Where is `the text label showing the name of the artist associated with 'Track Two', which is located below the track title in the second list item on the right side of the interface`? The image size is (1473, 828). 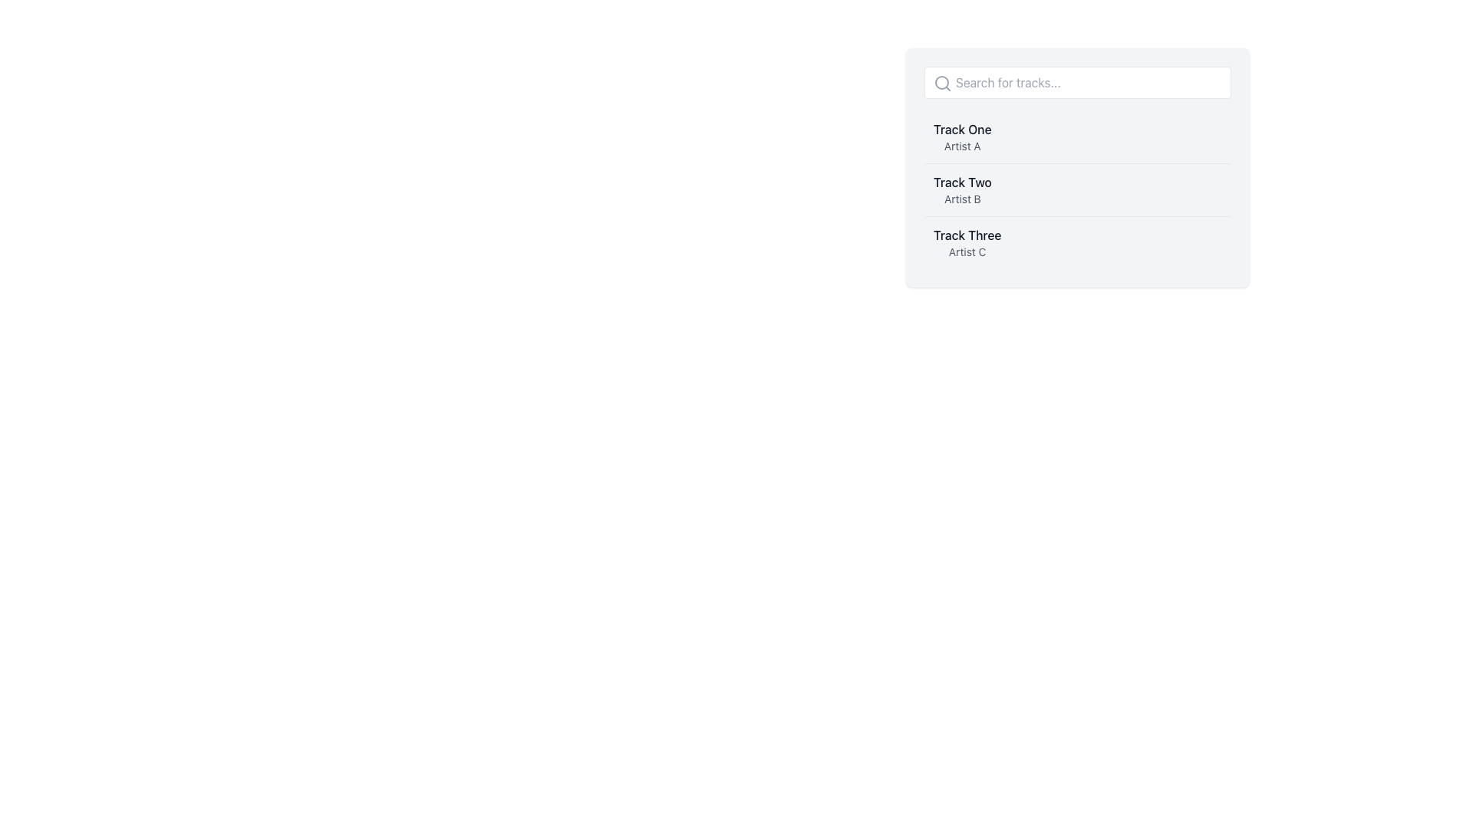
the text label showing the name of the artist associated with 'Track Two', which is located below the track title in the second list item on the right side of the interface is located at coordinates (961, 198).